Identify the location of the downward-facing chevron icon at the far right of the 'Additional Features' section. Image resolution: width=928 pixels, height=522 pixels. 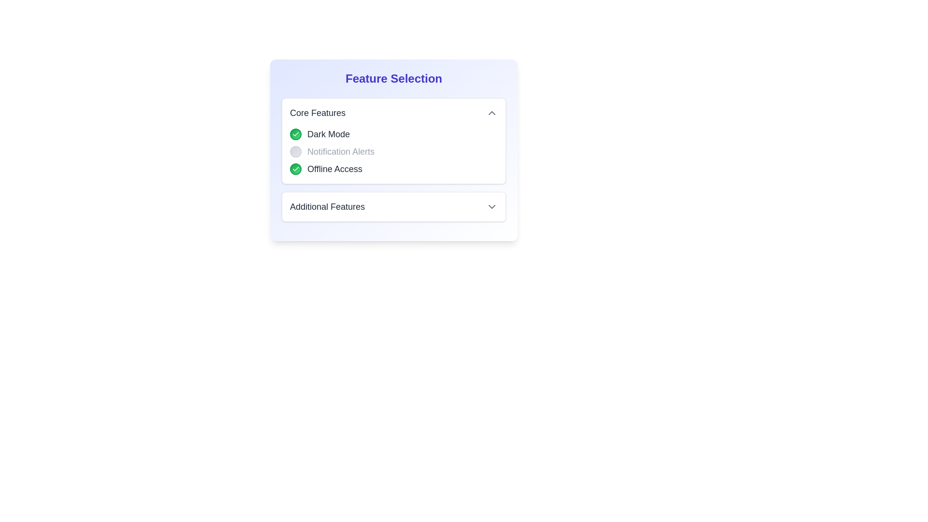
(492, 206).